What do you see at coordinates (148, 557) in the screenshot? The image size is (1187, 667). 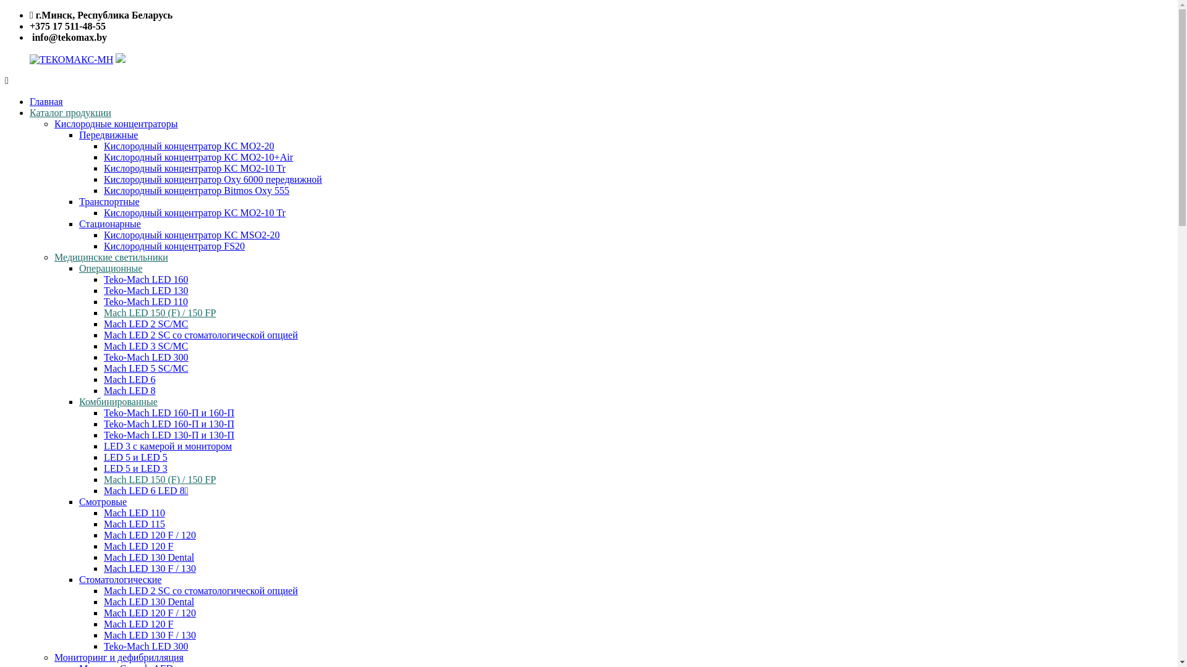 I see `'Mach LED 130 Dental'` at bounding box center [148, 557].